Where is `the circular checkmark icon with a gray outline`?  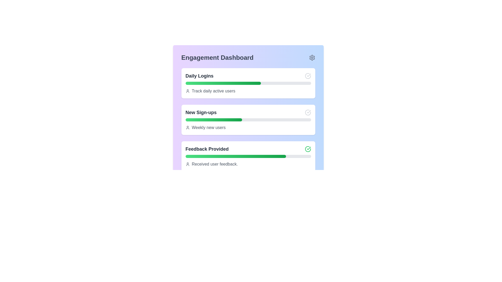 the circular checkmark icon with a gray outline is located at coordinates (308, 76).